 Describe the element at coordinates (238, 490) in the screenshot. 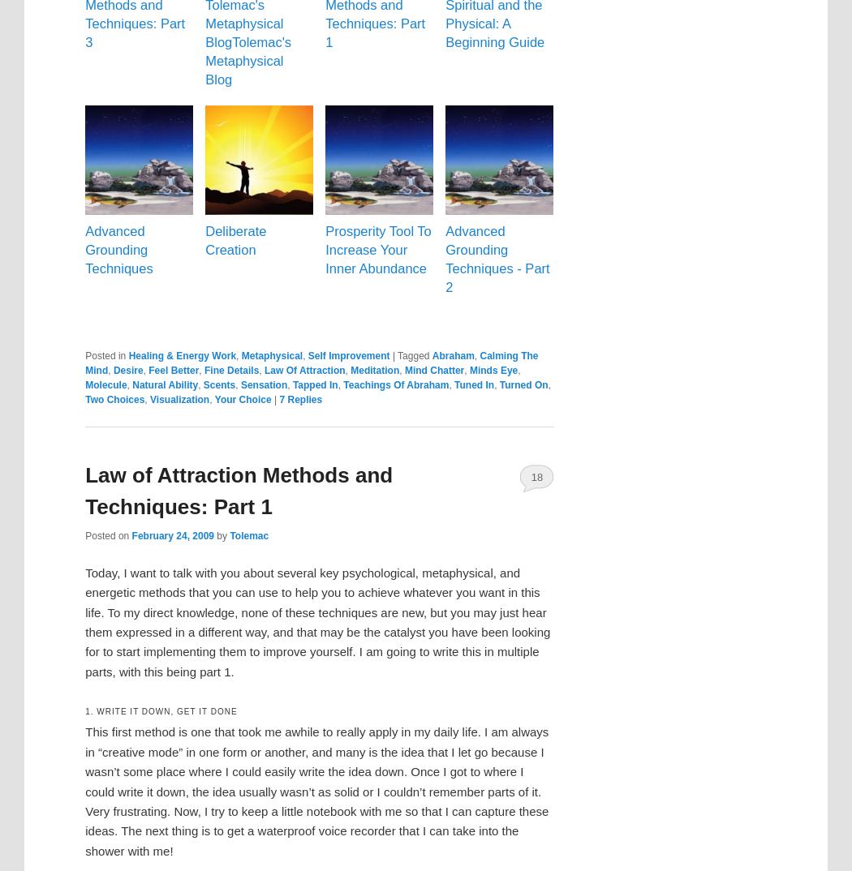

I see `'Law of Attraction Methods and Techniques: Part 1'` at that location.